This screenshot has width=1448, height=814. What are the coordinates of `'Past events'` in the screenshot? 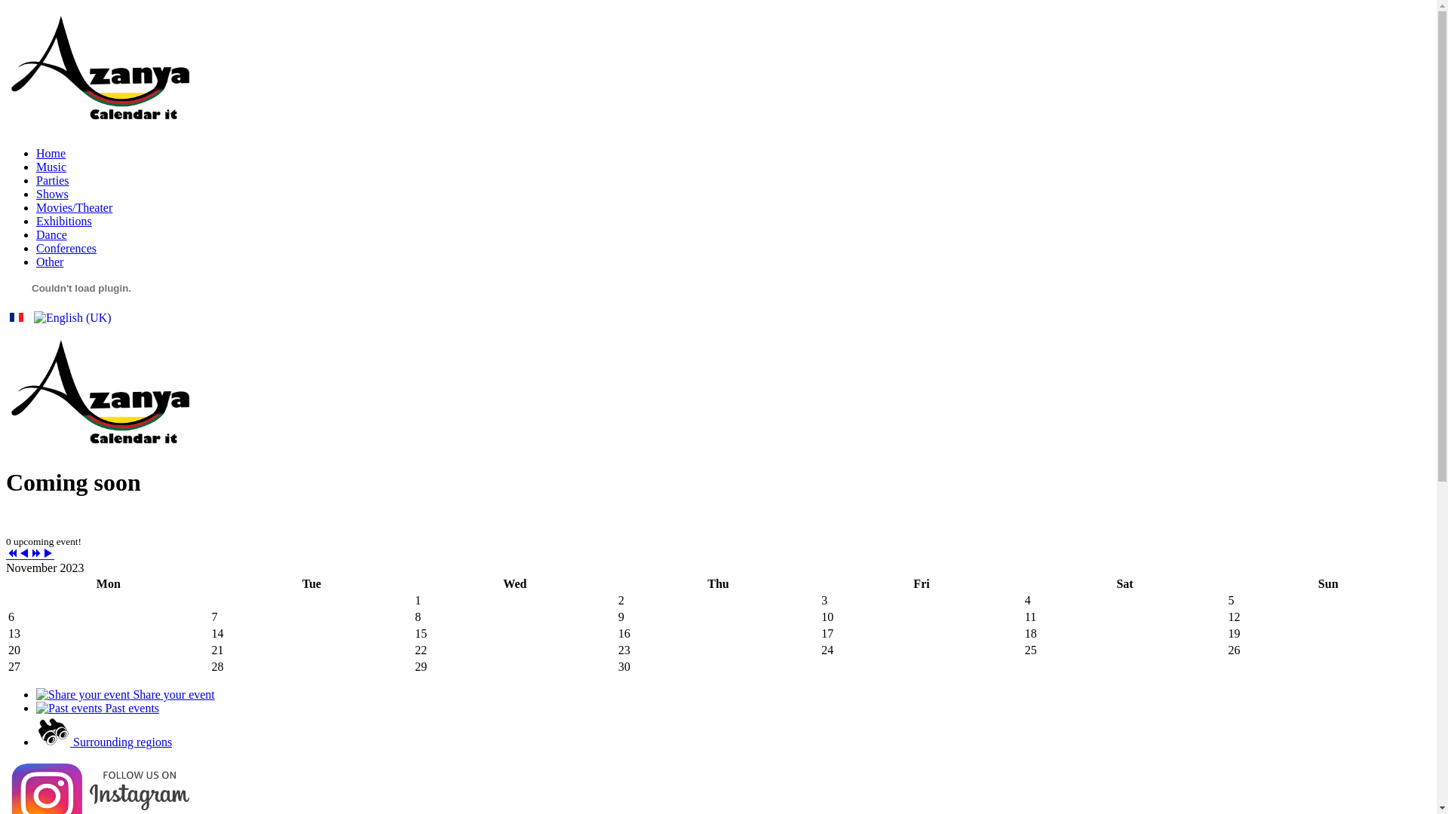 It's located at (97, 708).